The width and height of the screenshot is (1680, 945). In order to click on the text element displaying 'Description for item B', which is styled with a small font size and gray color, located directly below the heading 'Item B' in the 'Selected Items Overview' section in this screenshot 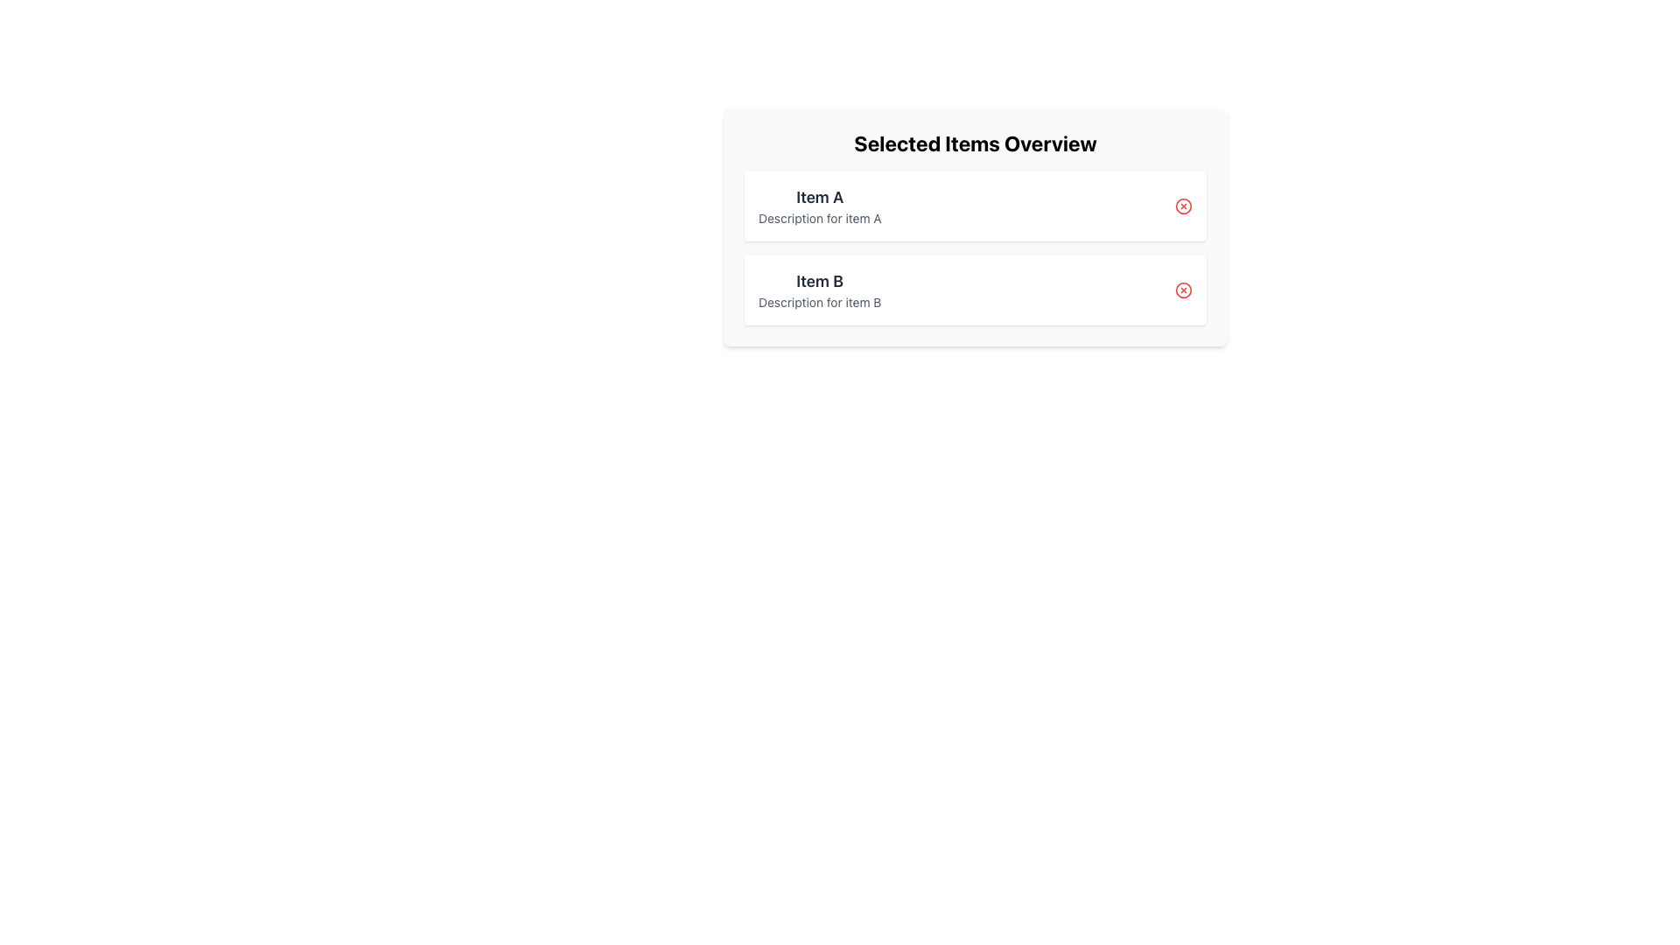, I will do `click(819, 302)`.